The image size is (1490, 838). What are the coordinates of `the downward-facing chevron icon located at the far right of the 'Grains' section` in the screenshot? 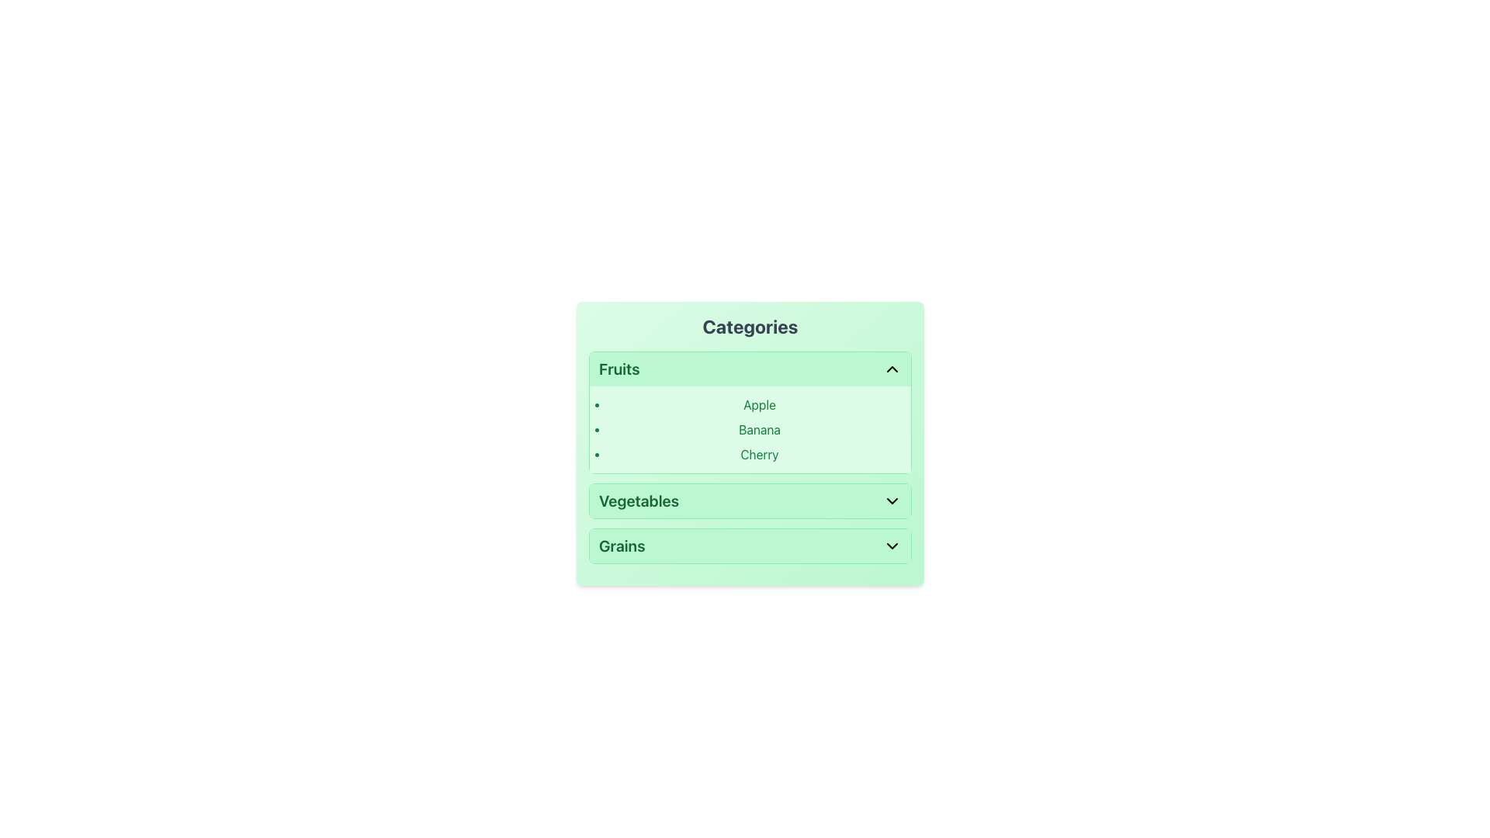 It's located at (892, 545).